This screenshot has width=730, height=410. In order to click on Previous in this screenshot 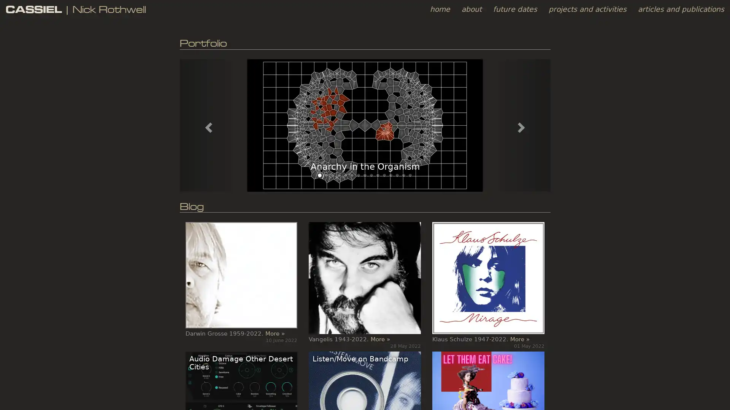, I will do `click(207, 125)`.